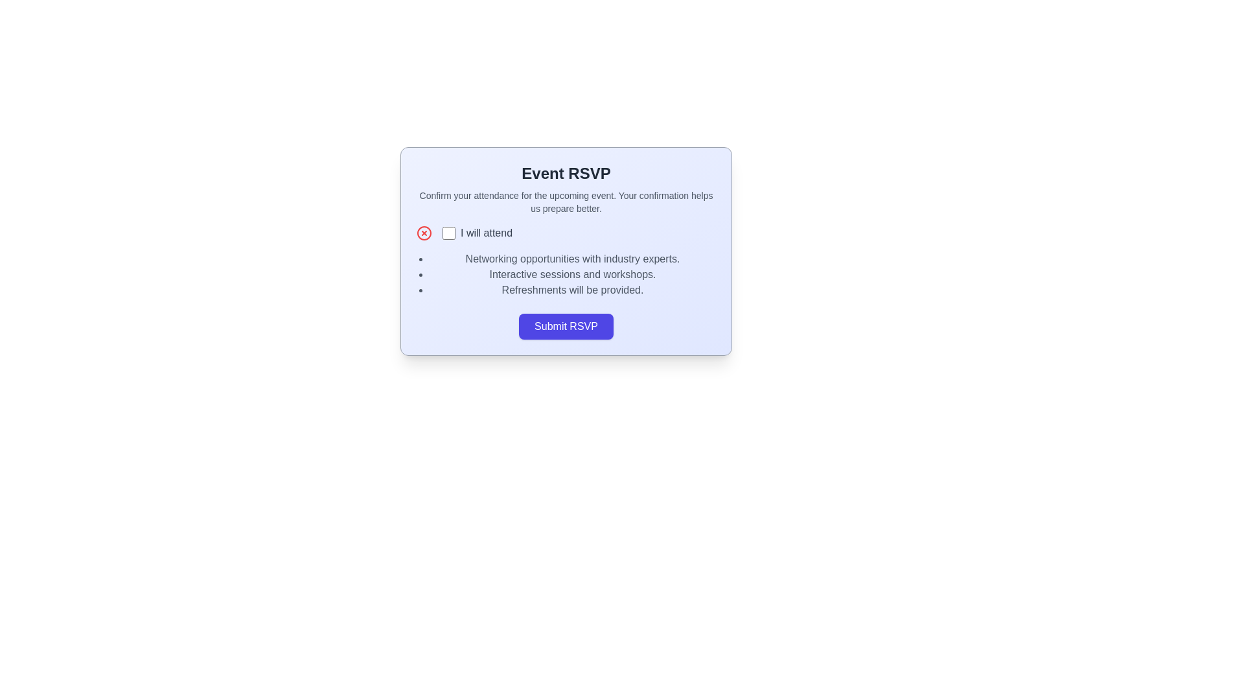 This screenshot has width=1244, height=700. Describe the element at coordinates (571, 259) in the screenshot. I see `the static text element that provides information about networking opportunities, which is the first item in a bulleted list located below the 'I will attend' checkbox` at that location.